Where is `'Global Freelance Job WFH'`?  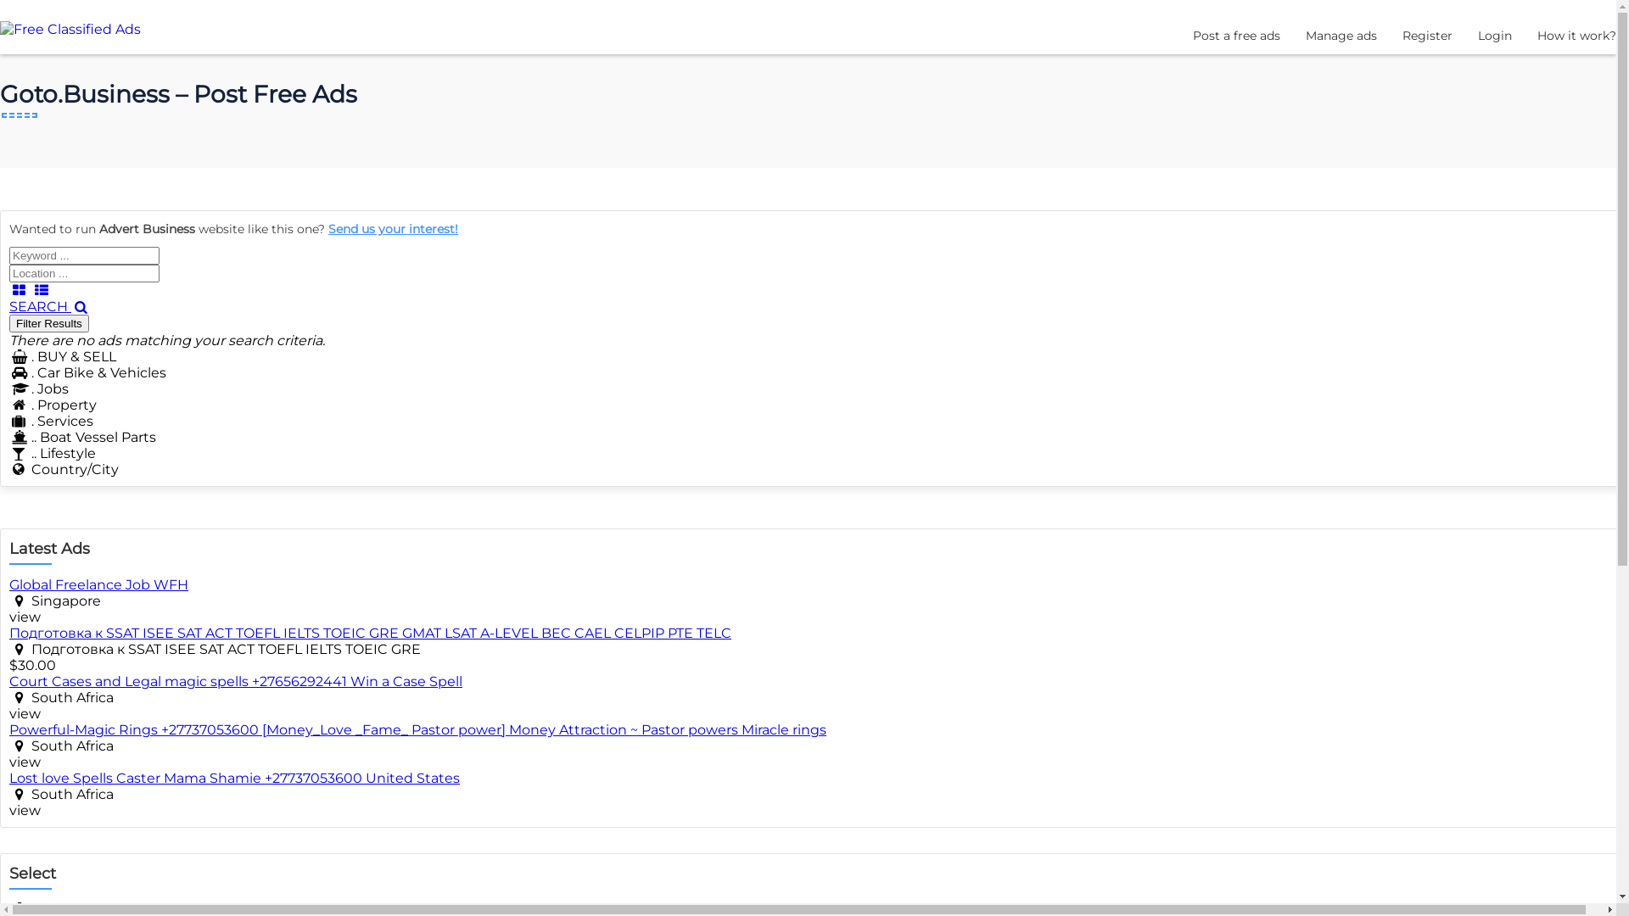
'Global Freelance Job WFH' is located at coordinates (98, 584).